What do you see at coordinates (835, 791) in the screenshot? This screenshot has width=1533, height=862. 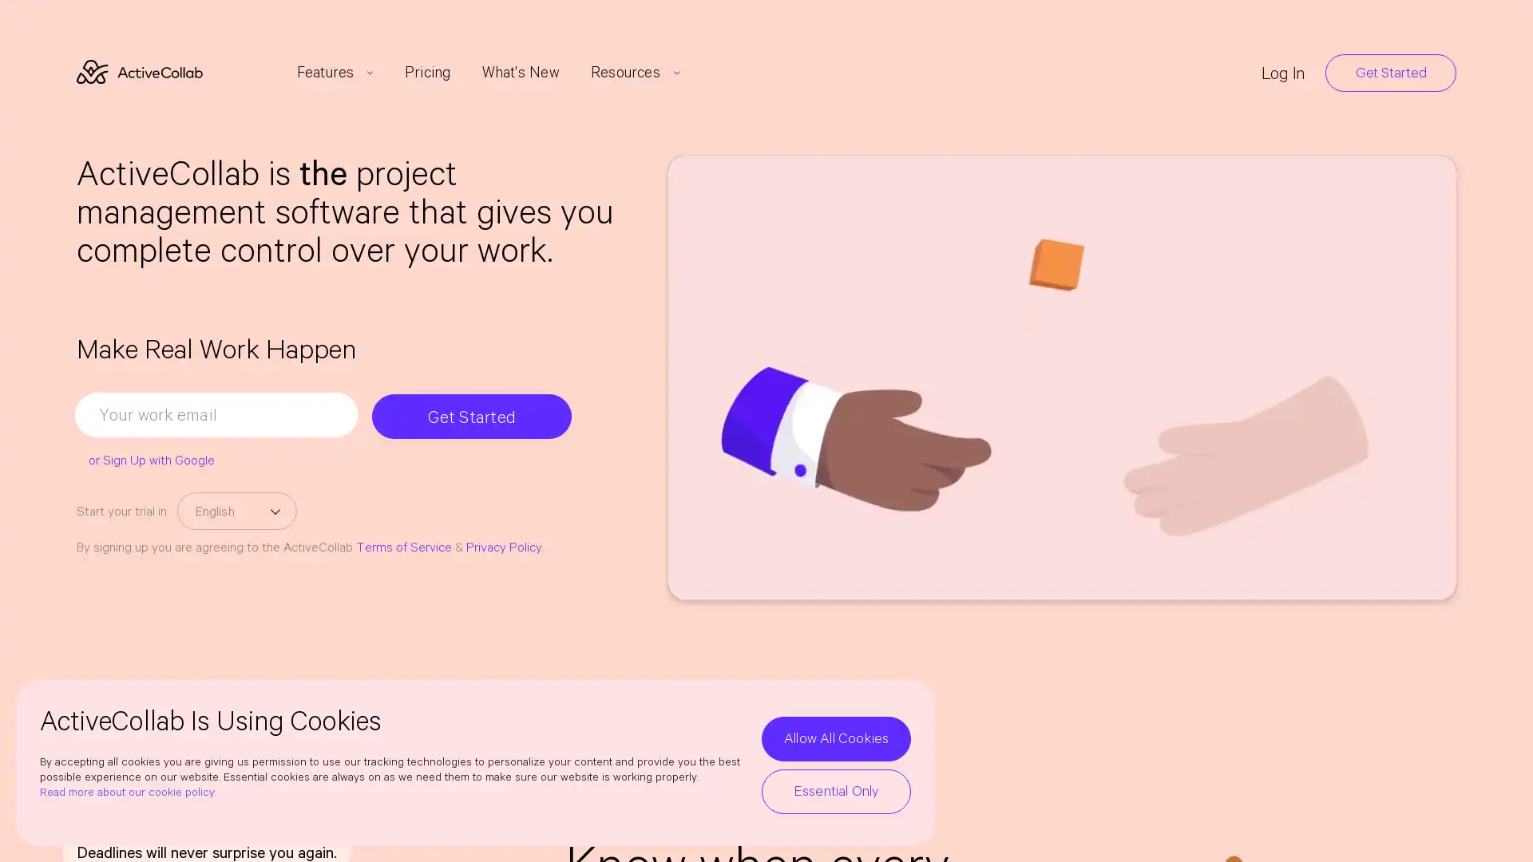 I see `Essential Only` at bounding box center [835, 791].